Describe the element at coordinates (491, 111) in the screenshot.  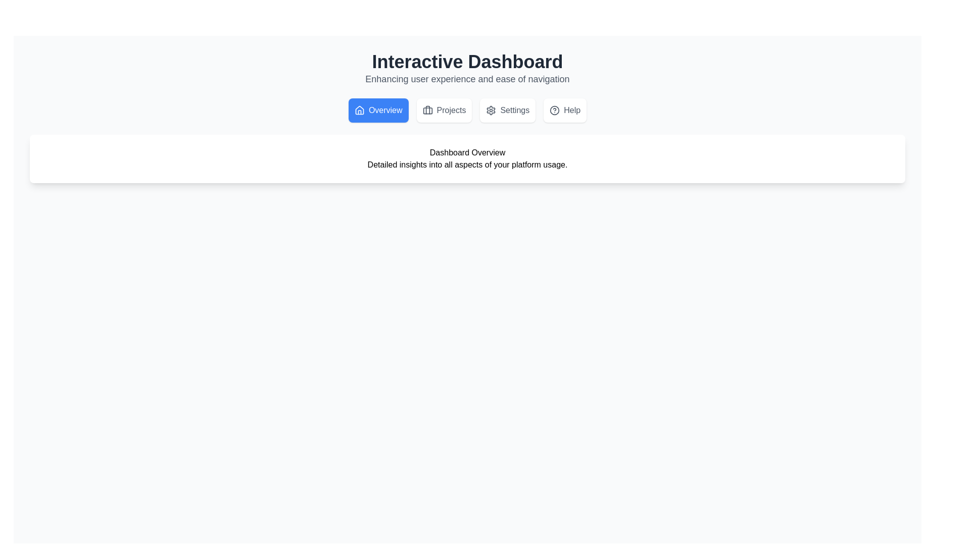
I see `the small grayscale gear icon that signifies settings functionality, located within the 'Settings' button in the navigation section` at that location.